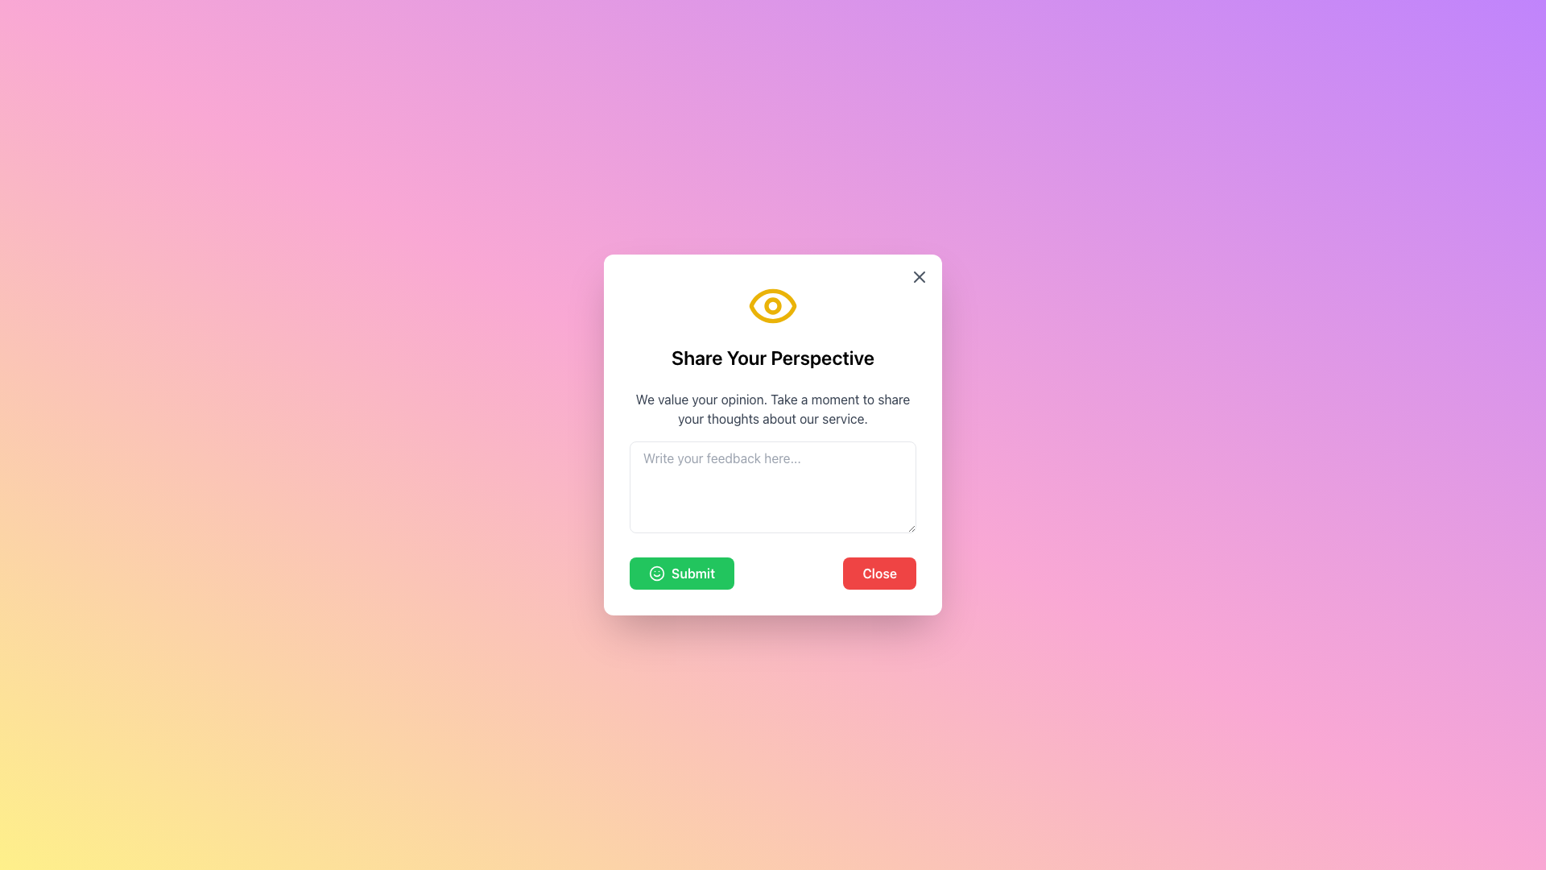  Describe the element at coordinates (878, 573) in the screenshot. I see `the red 'Close' button with rounded corners located at the bottom-right of the modal dialog to change its color to a darker shade` at that location.